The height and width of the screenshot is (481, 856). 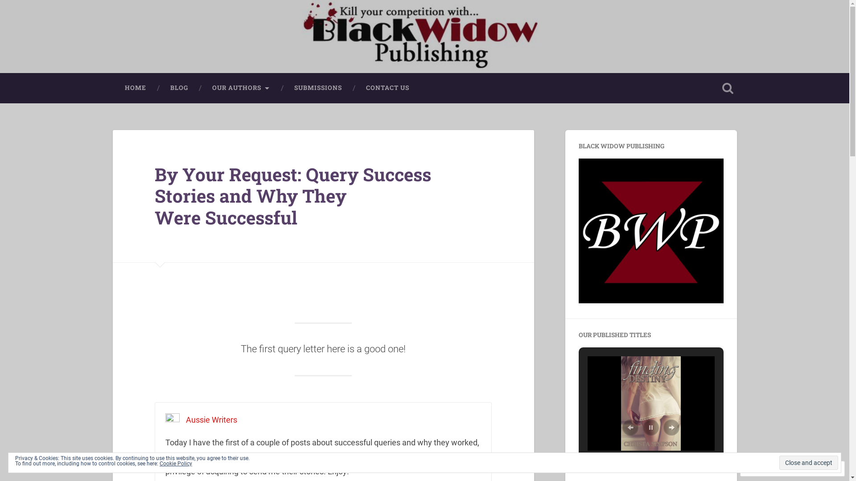 What do you see at coordinates (317, 88) in the screenshot?
I see `'SUBMISSIONS'` at bounding box center [317, 88].